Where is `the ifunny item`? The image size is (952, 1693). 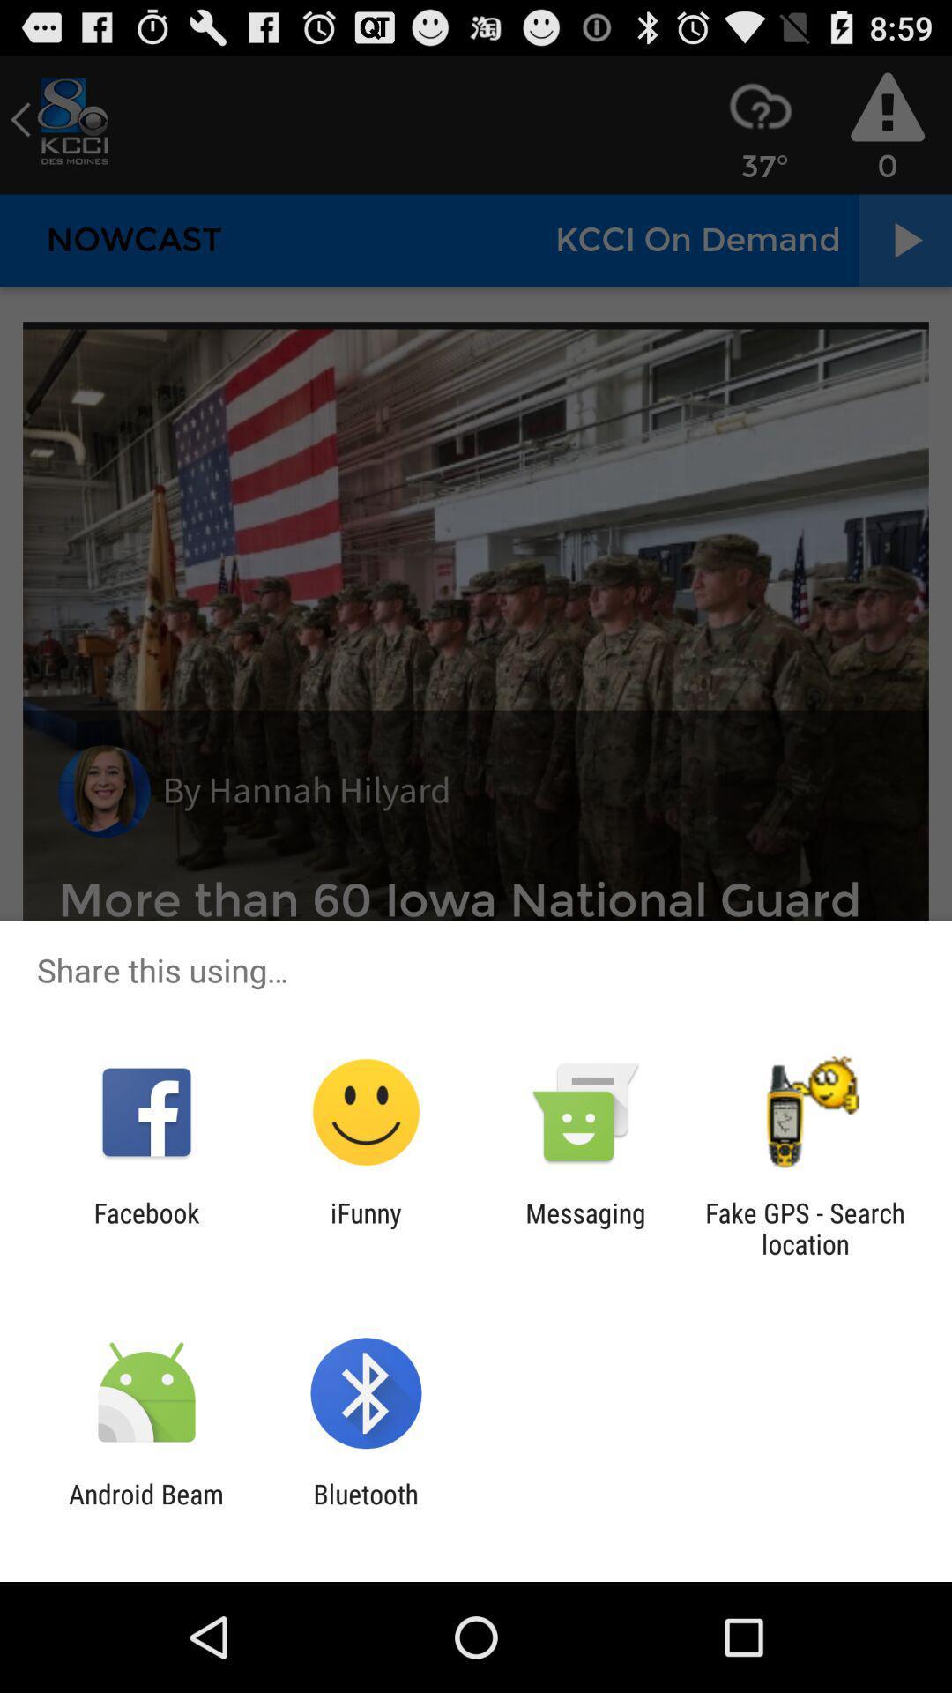 the ifunny item is located at coordinates (365, 1227).